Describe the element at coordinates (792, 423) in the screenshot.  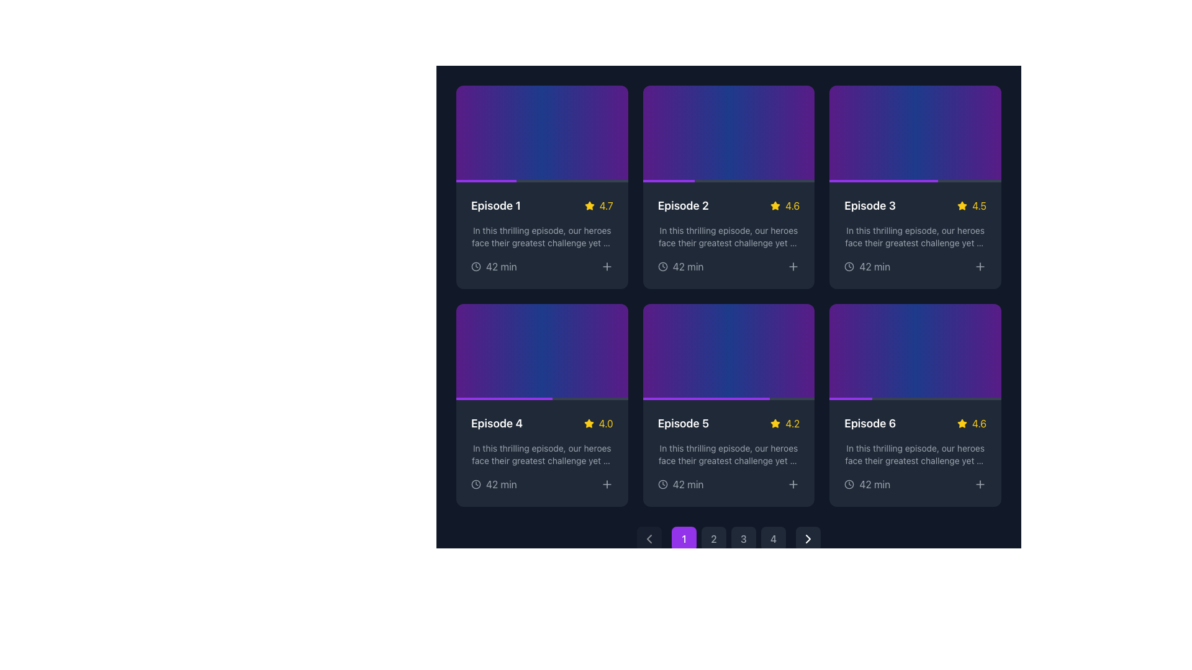
I see `the numerical rating text label located in the fifth card of the grid layout, positioned to the right of the star icon` at that location.